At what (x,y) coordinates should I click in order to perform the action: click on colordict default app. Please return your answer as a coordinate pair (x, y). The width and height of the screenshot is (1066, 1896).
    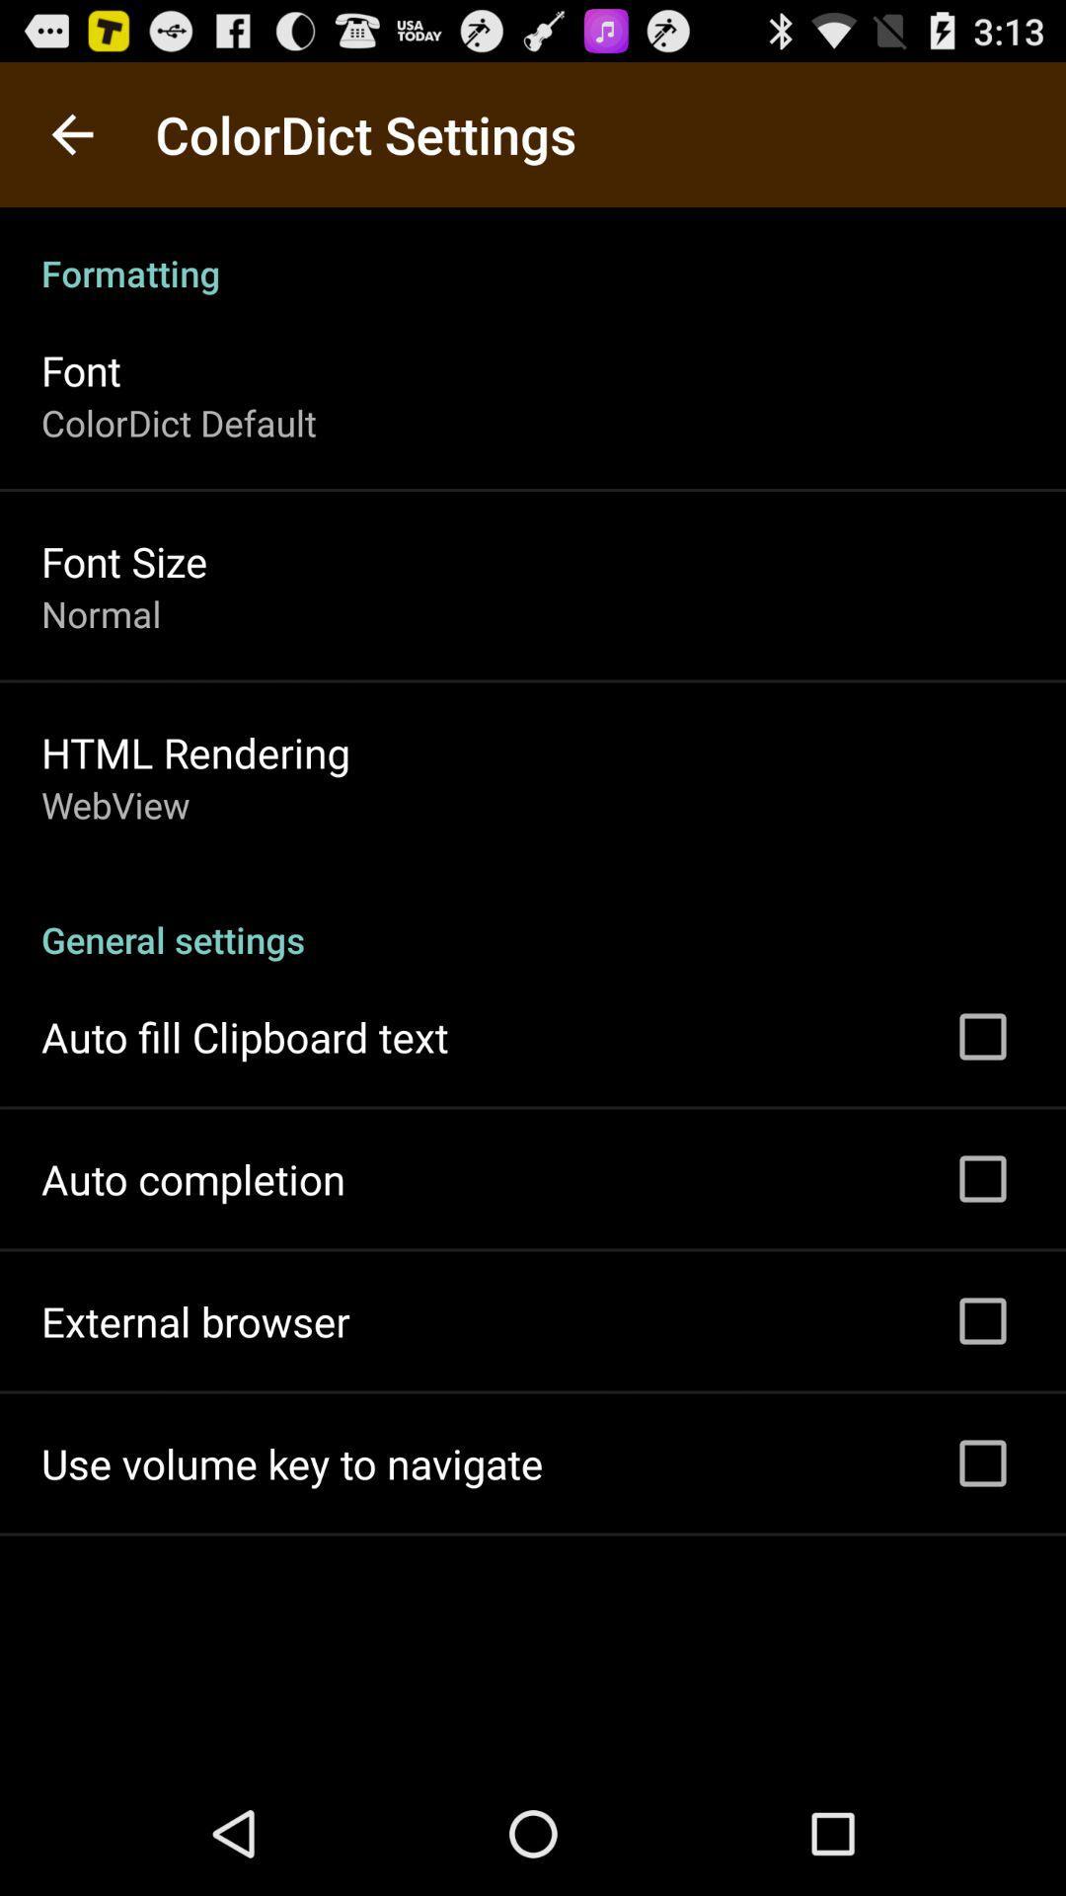
    Looking at the image, I should click on (179, 422).